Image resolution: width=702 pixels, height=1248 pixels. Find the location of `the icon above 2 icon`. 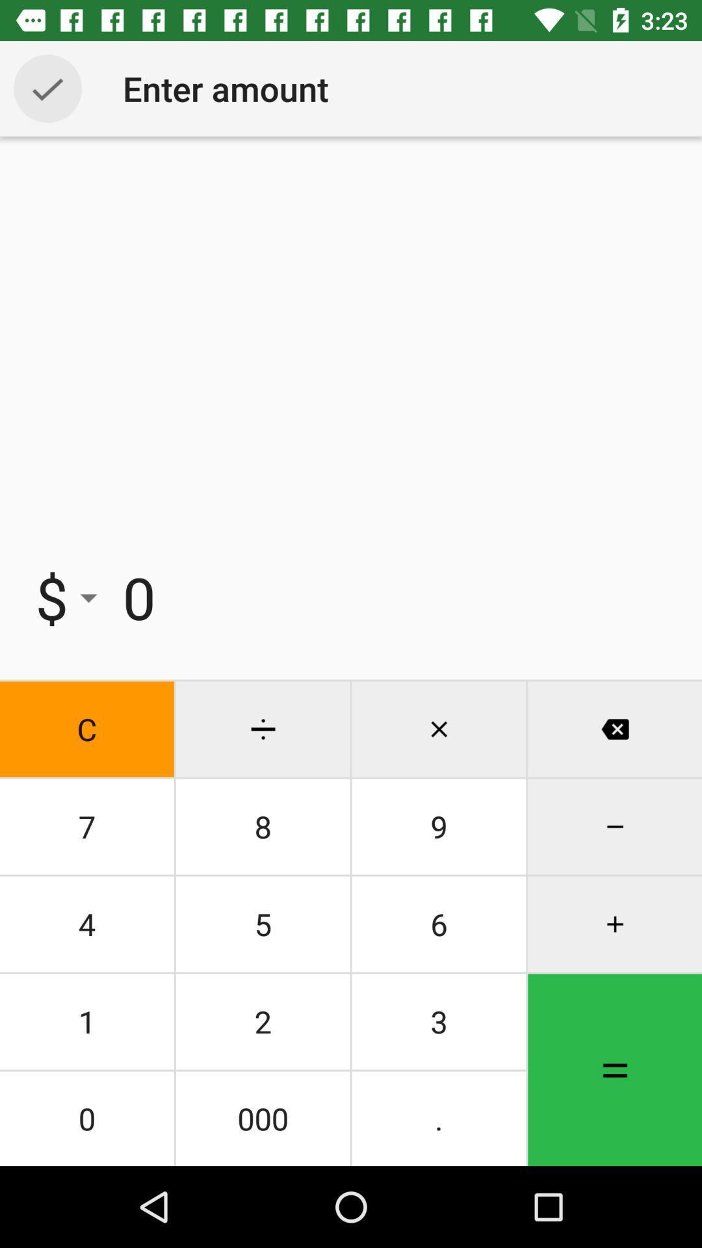

the icon above 2 icon is located at coordinates (439, 923).